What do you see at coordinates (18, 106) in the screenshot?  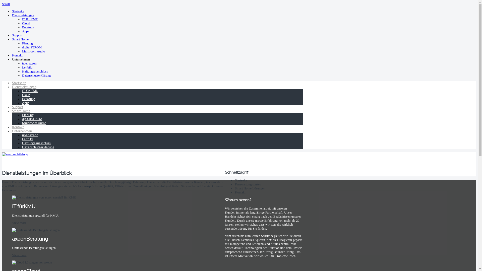 I see `'Support'` at bounding box center [18, 106].